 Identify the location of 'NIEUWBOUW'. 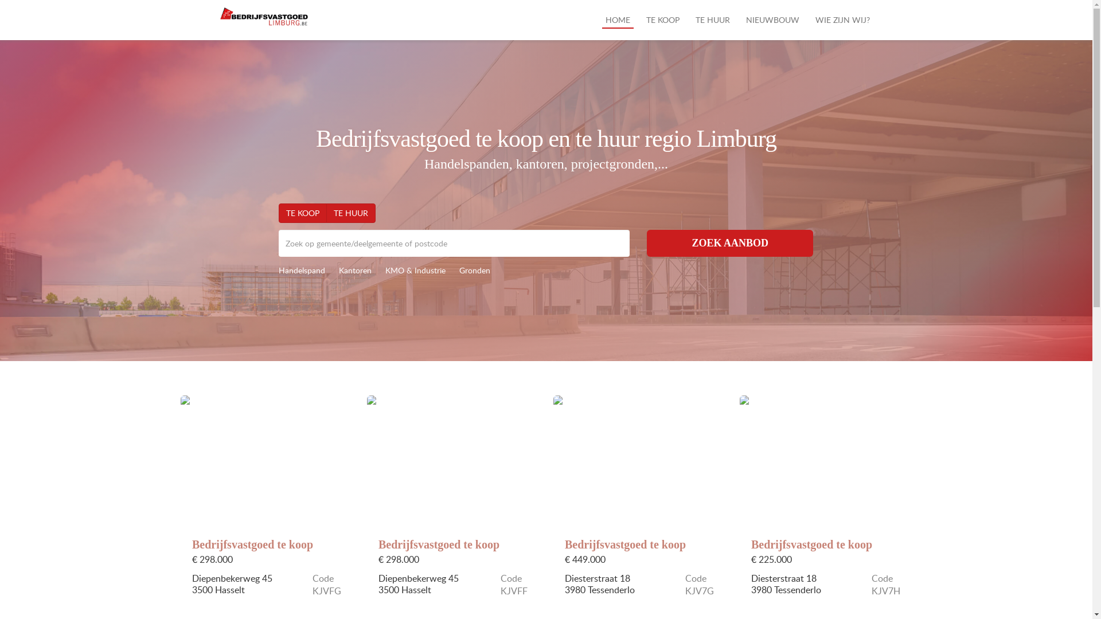
(772, 19).